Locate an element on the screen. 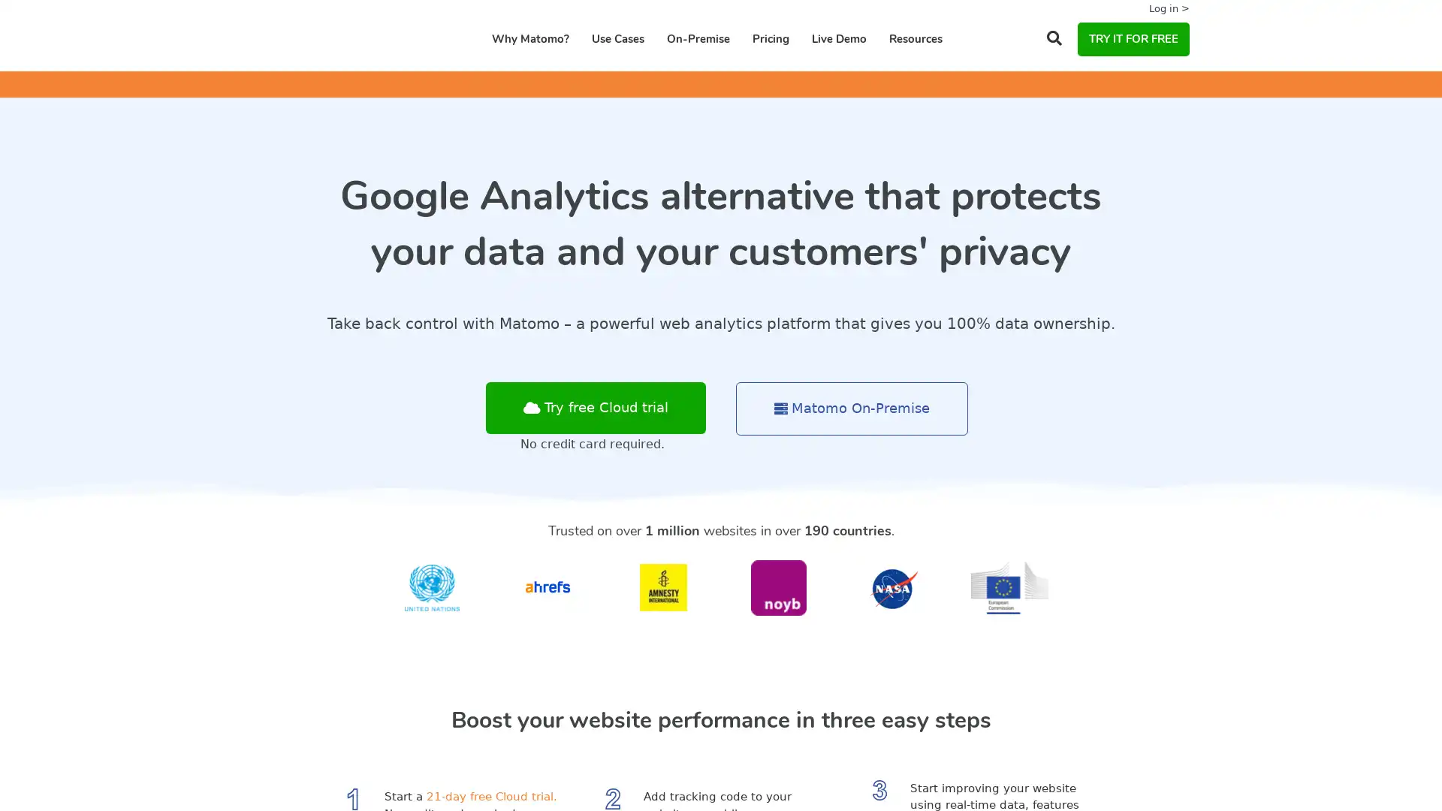  Matomo On-Premise is located at coordinates (852, 409).